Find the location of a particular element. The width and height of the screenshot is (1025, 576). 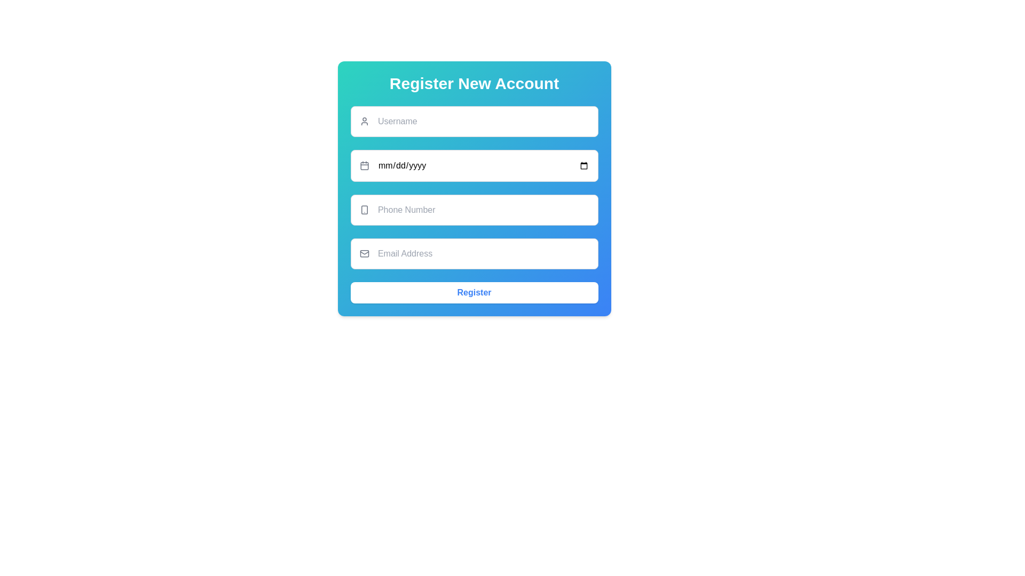

the icon indicating that the associated input field expects an email address, located to the left of the email input field placeholder text is located at coordinates (364, 253).